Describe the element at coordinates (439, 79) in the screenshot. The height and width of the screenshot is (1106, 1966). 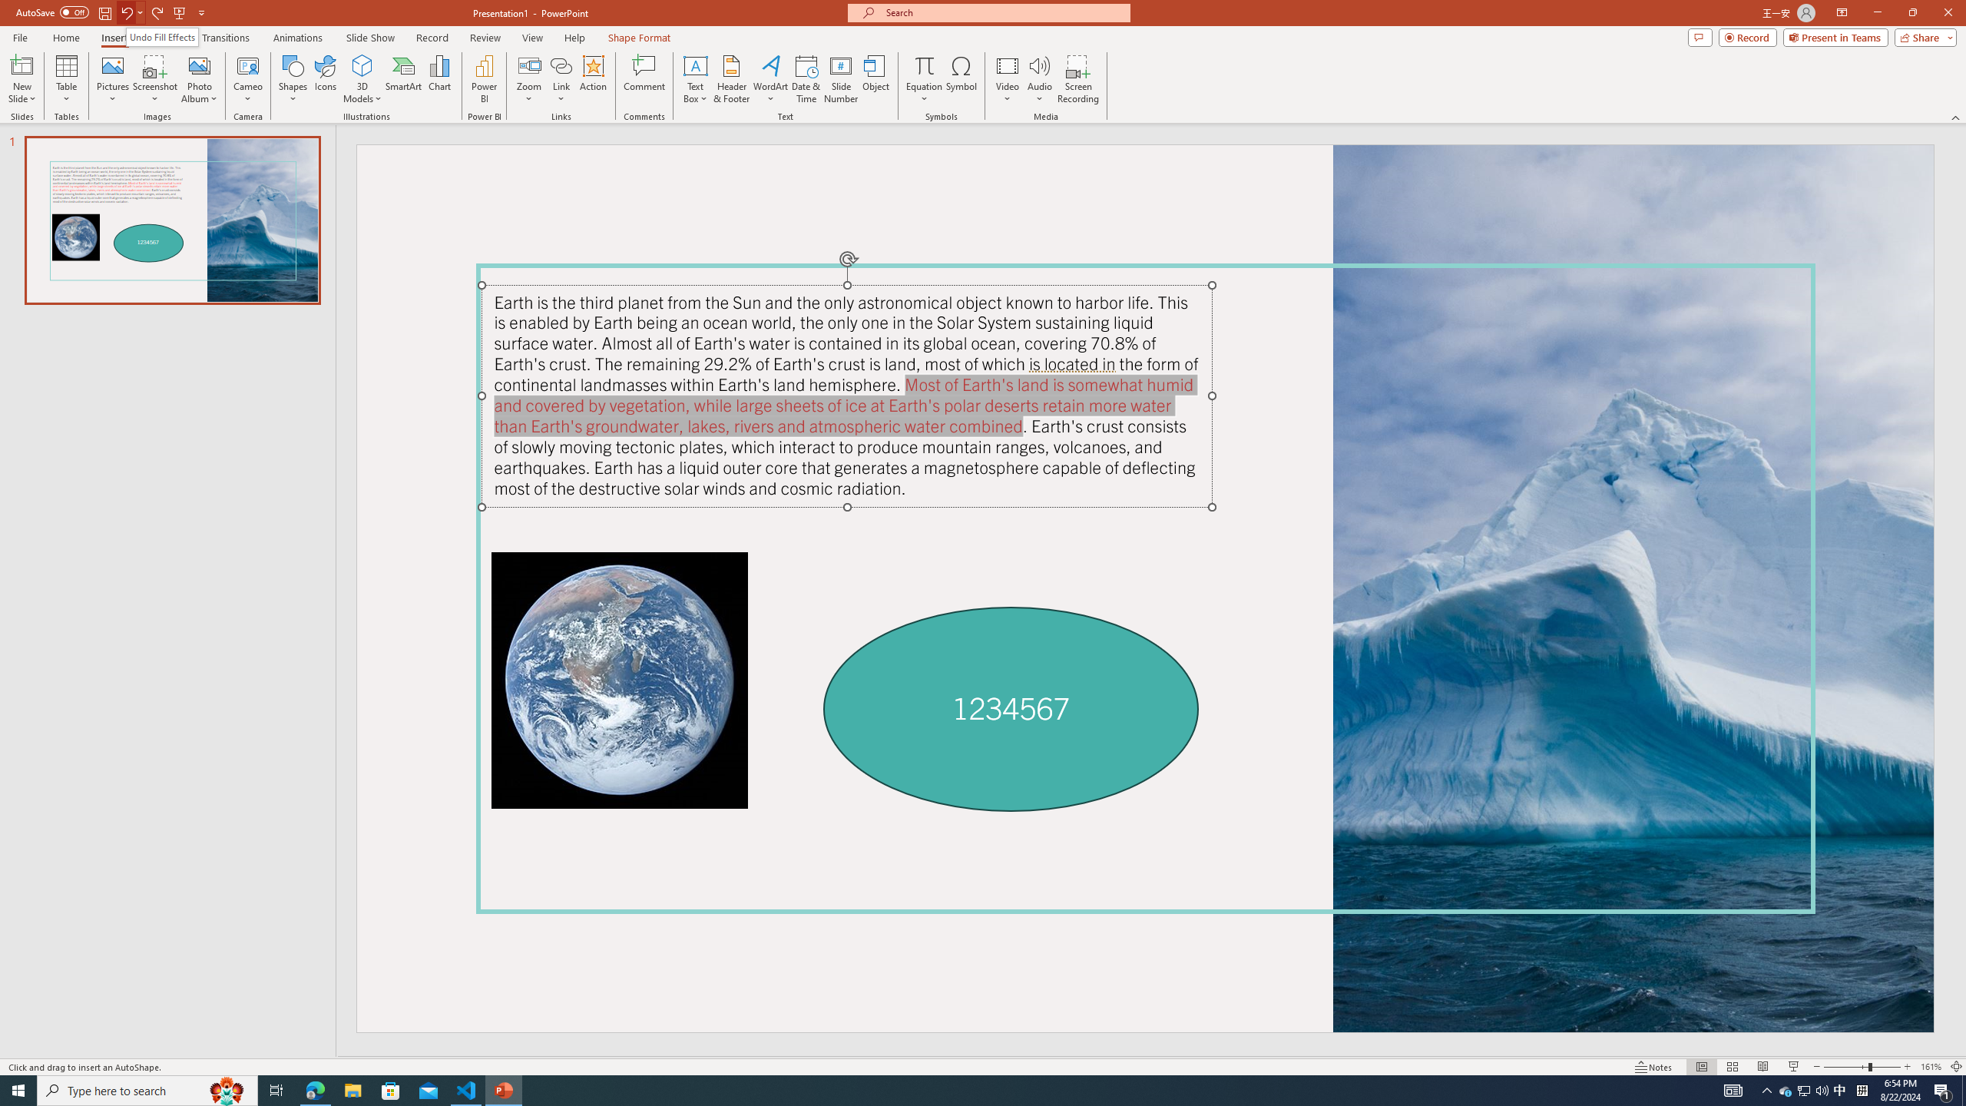
I see `'Chart...'` at that location.